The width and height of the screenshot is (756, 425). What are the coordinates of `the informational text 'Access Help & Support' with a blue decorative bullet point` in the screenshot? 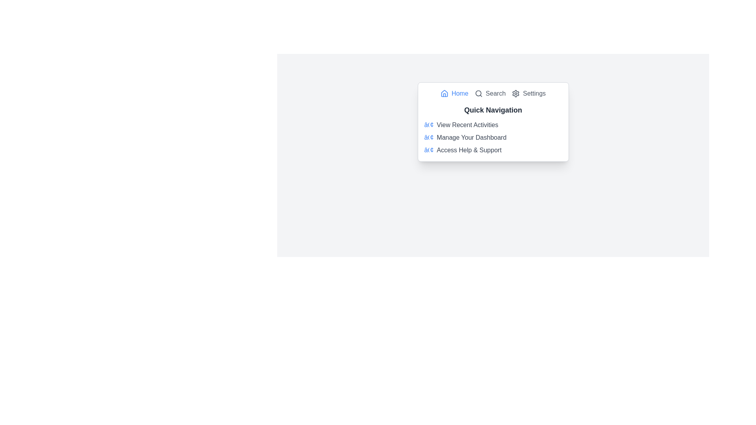 It's located at (493, 150).